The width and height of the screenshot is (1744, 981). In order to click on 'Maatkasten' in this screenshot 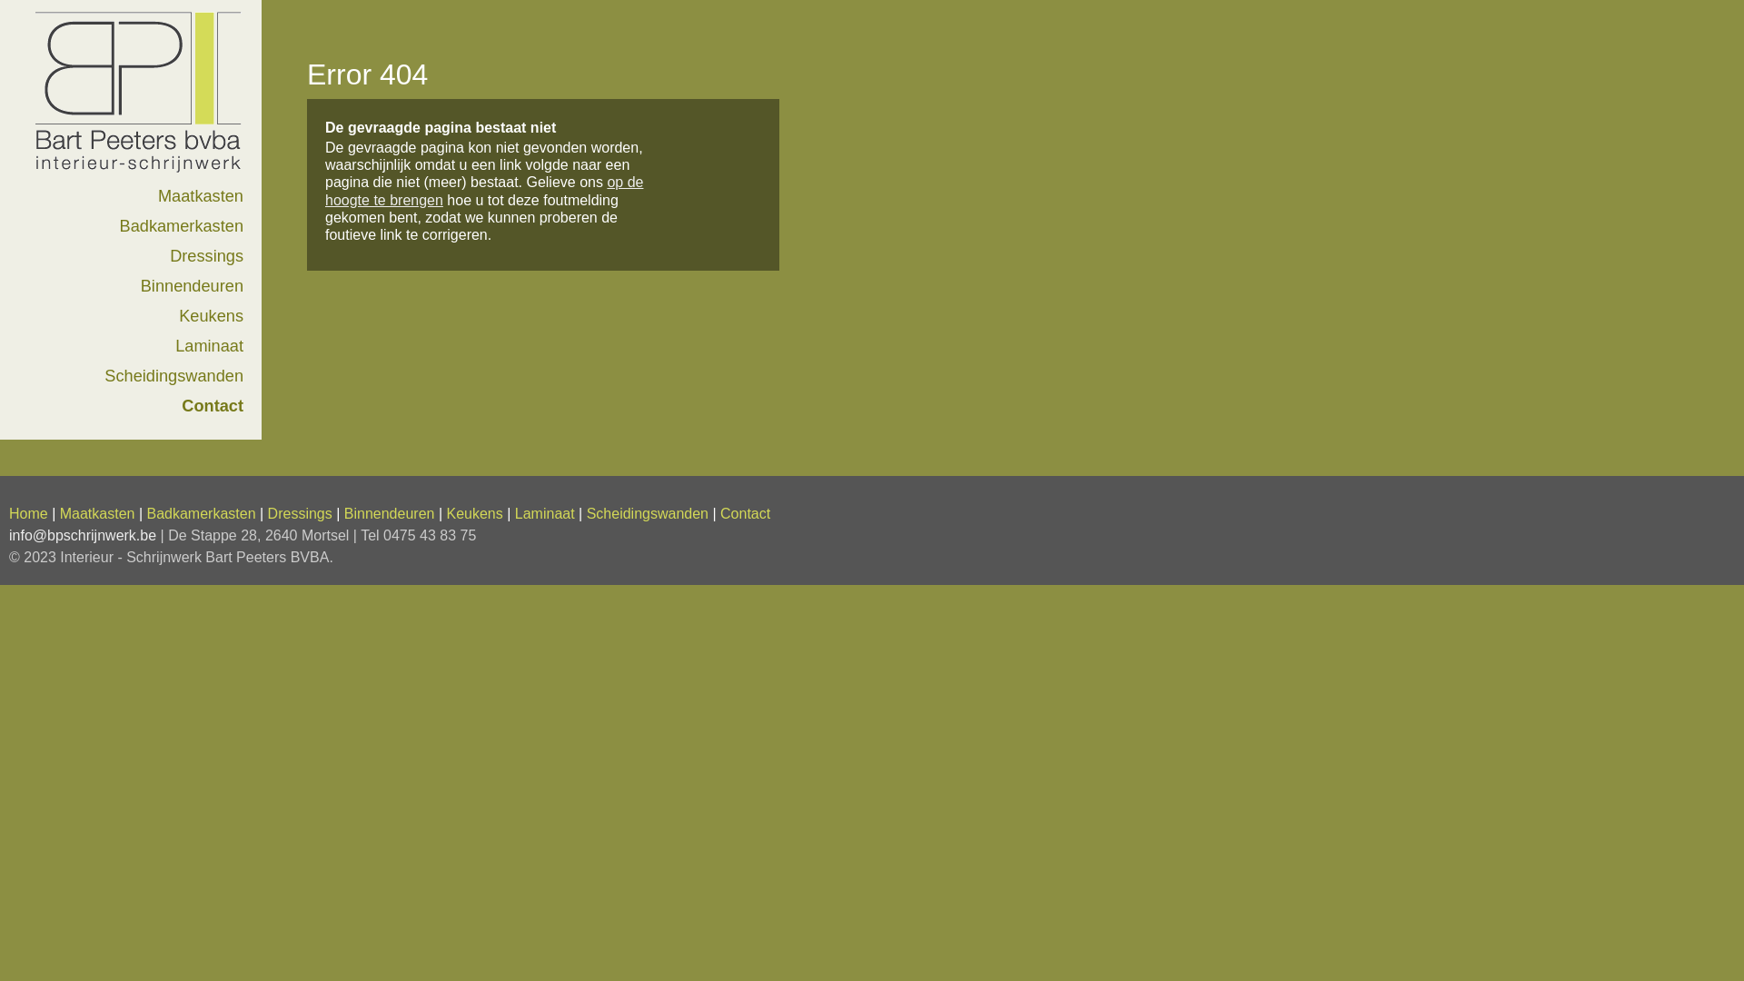, I will do `click(200, 196)`.